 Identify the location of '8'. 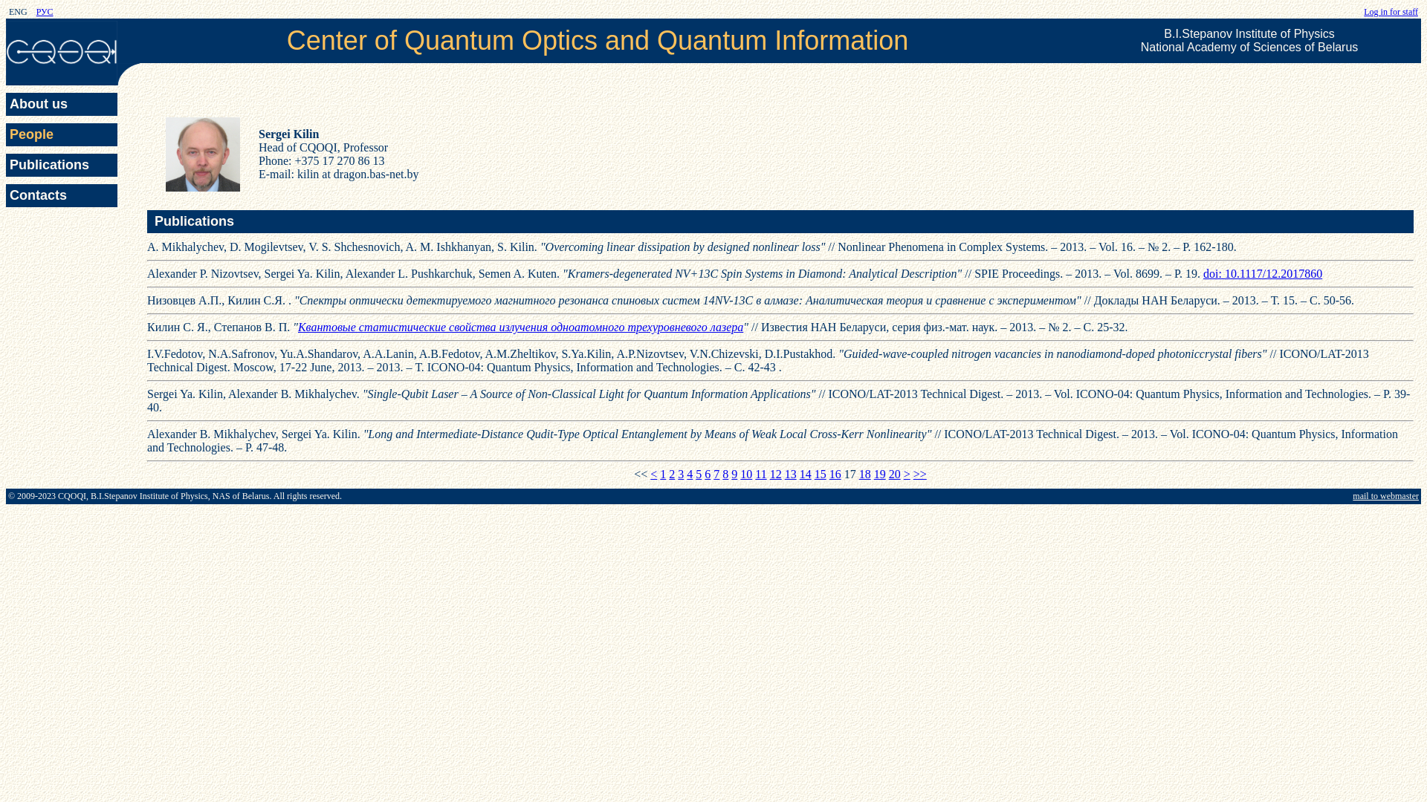
(722, 474).